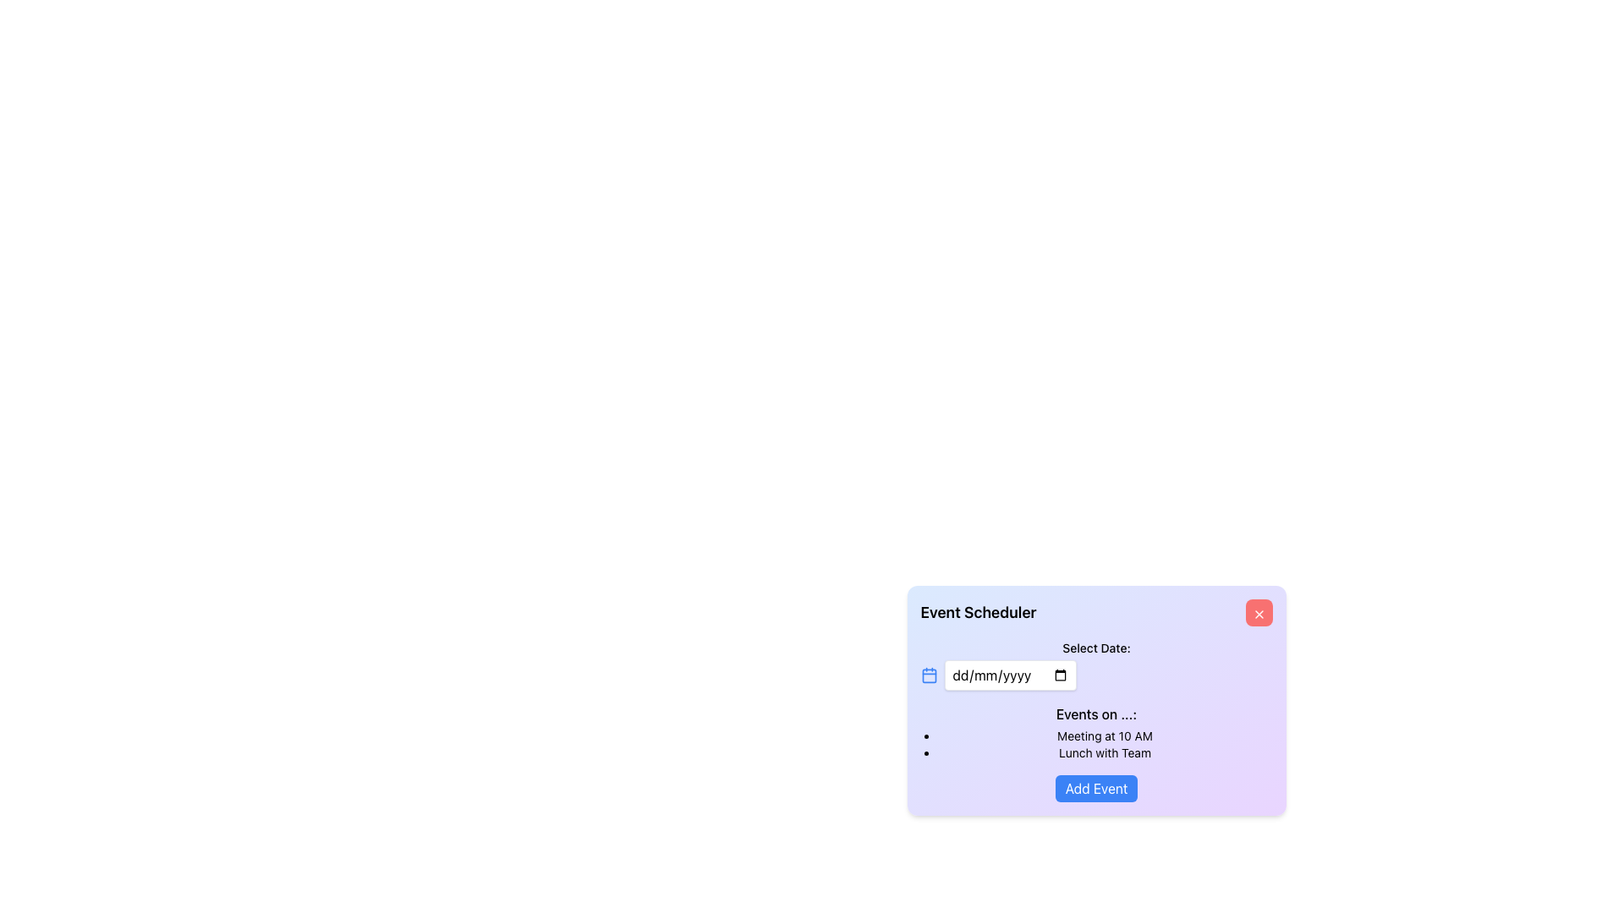 This screenshot has width=1624, height=913. Describe the element at coordinates (928, 674) in the screenshot. I see `the outlined blue calendar icon located on the left side of the horizontal layout group inside the interaction panel` at that location.